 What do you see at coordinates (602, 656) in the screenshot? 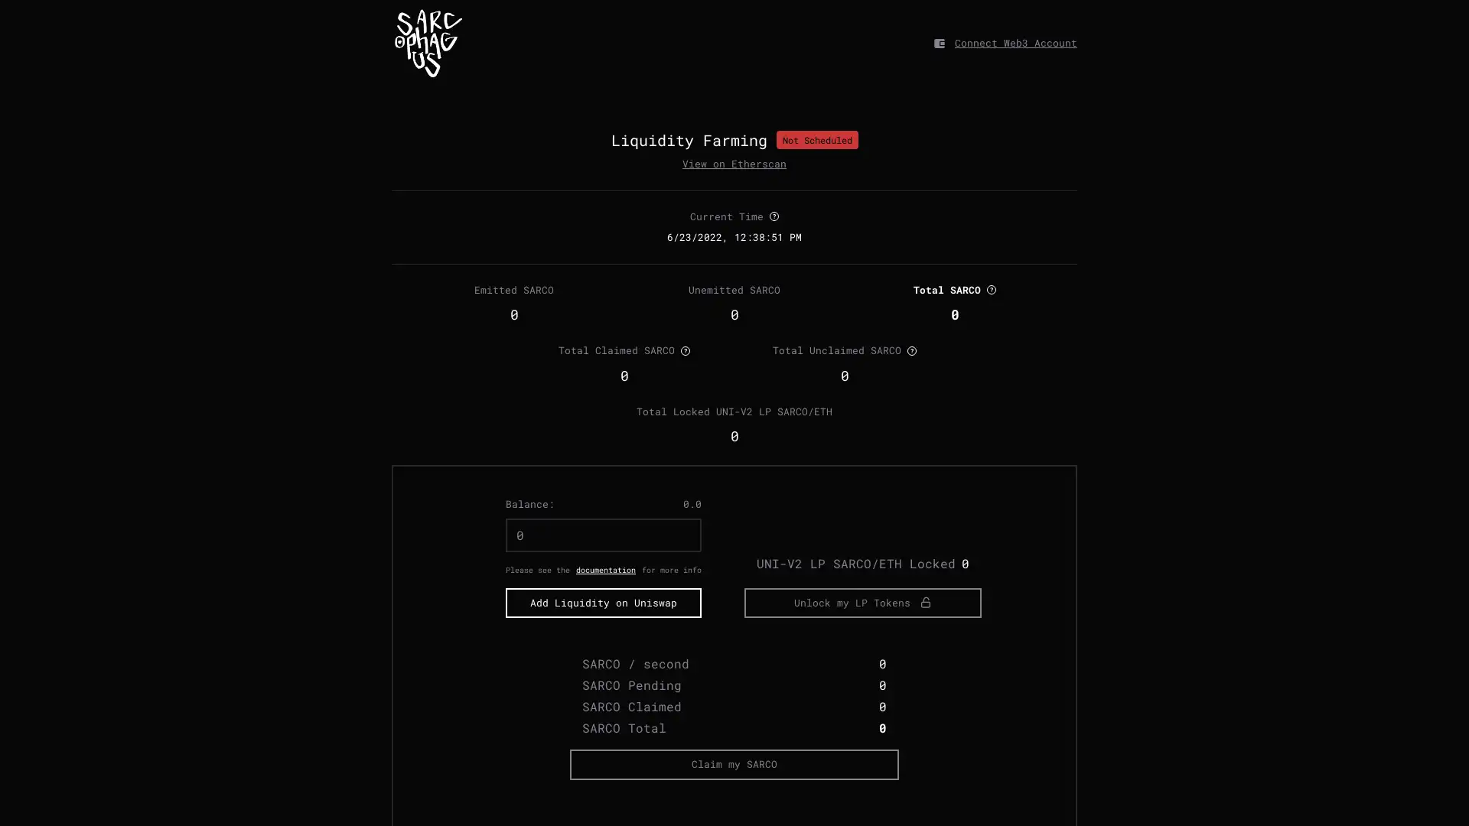
I see `Add Liquidity on Uniswap` at bounding box center [602, 656].